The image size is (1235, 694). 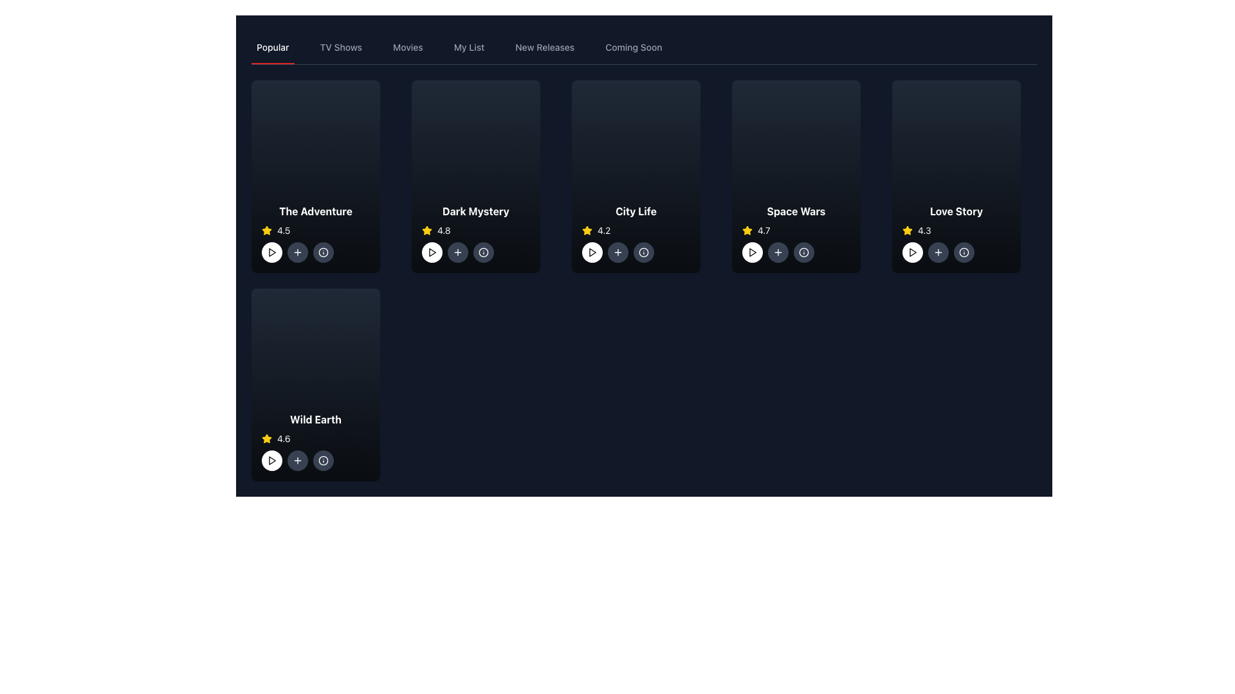 I want to click on around the circular outline of the icon located at the bottom right of the 'Love Story' card, so click(x=964, y=253).